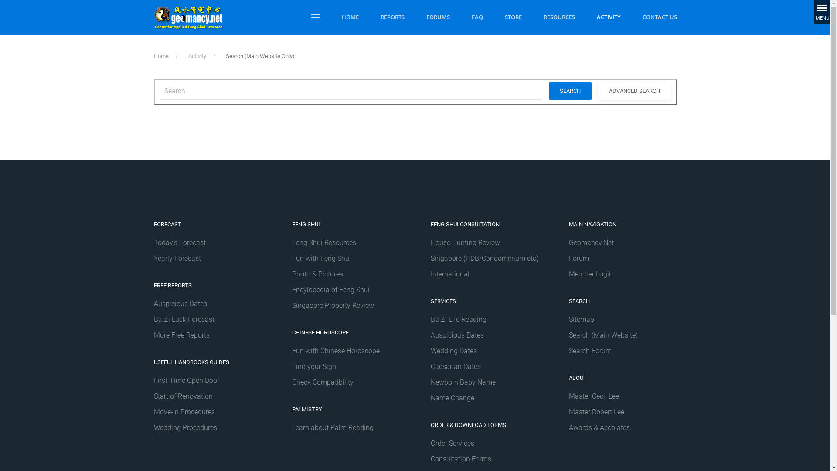 The width and height of the screenshot is (837, 471). Describe the element at coordinates (569, 91) in the screenshot. I see `'SEARCH'` at that location.